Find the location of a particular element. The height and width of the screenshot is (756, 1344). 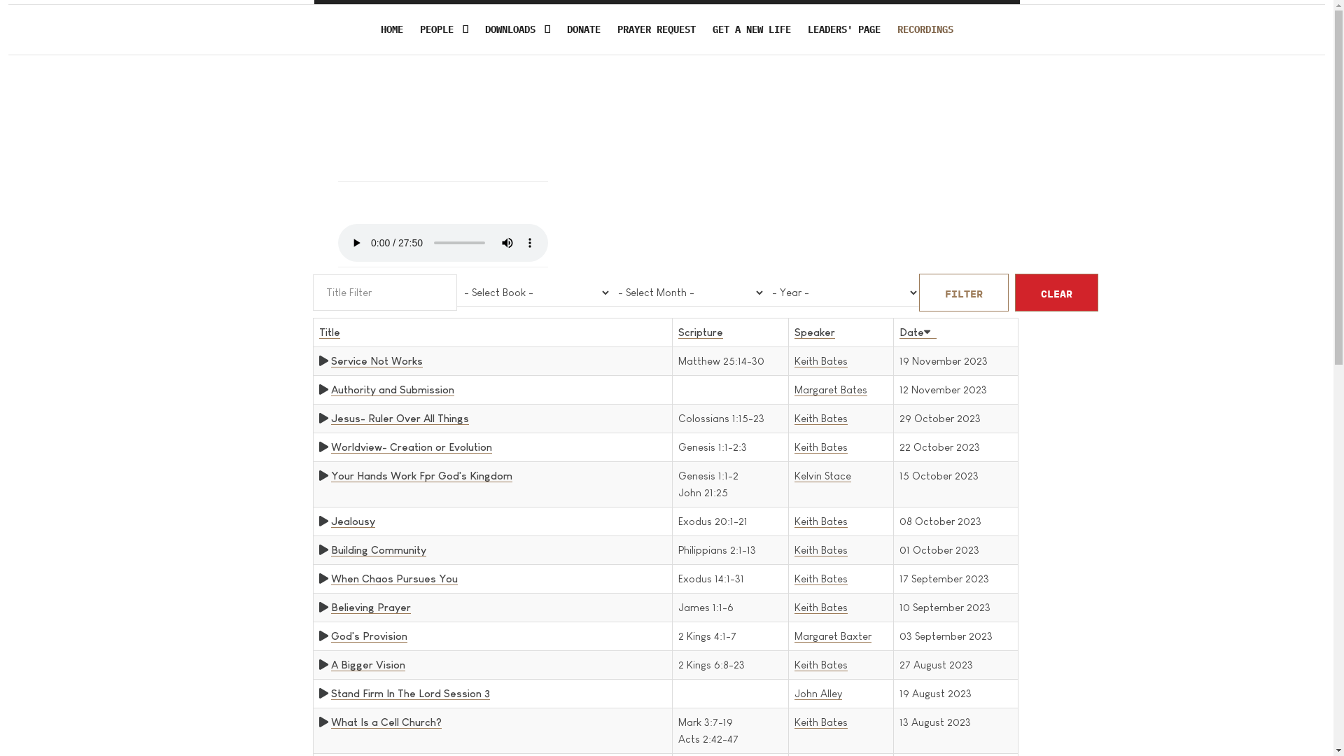

'When Chaos Pursues You' is located at coordinates (329, 578).